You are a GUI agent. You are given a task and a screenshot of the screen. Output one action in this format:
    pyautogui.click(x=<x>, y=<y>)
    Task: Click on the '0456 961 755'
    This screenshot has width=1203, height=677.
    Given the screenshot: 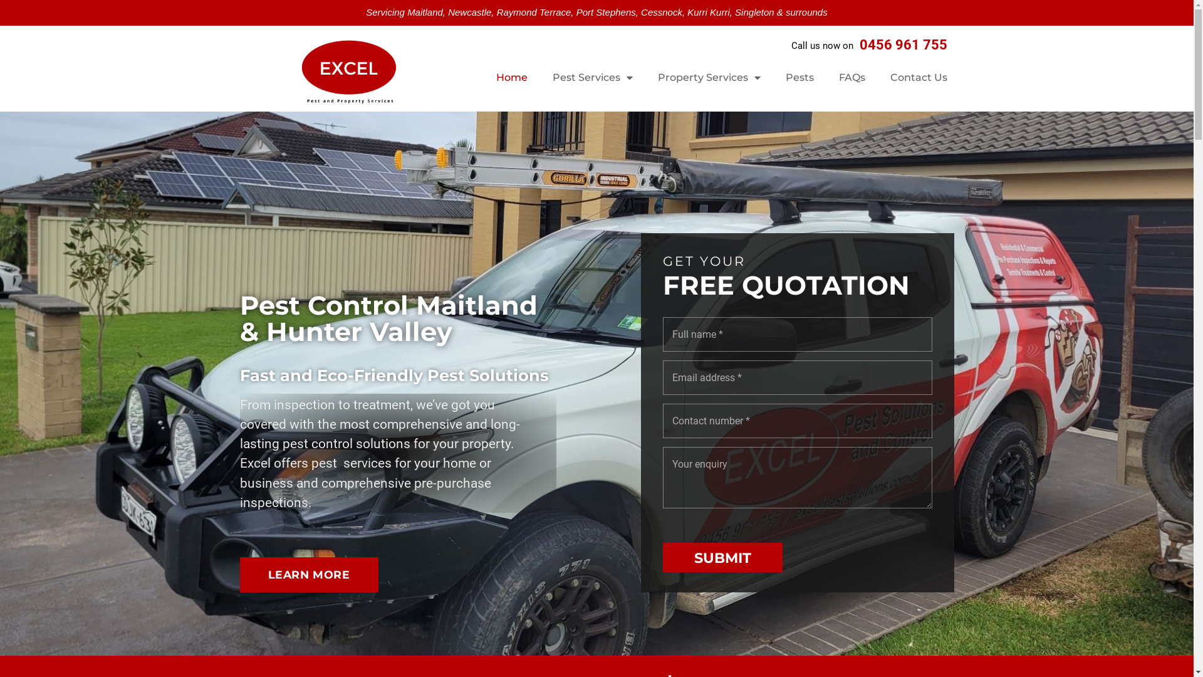 What is the action you would take?
    pyautogui.click(x=859, y=45)
    